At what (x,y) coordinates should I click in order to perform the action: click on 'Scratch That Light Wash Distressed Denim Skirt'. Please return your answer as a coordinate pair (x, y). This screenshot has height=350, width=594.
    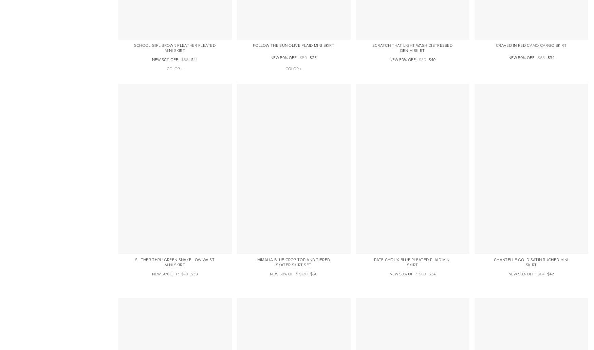
    Looking at the image, I should click on (372, 47).